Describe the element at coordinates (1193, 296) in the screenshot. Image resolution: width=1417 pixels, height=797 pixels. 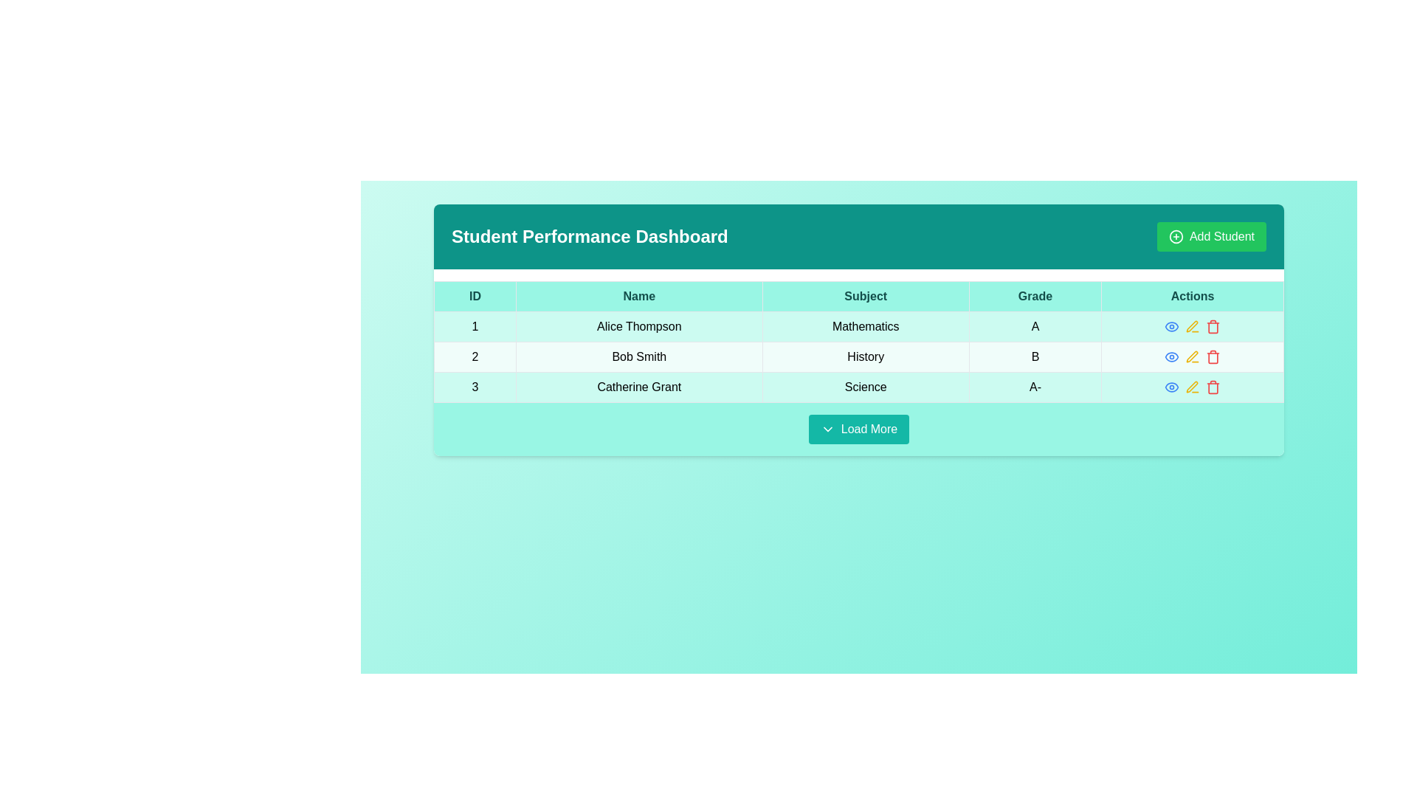
I see `the Table Header Cell for the 'Actions' column located at the top-right corner of the 'Student Performance Dashboard', adjacent to the 'Grade' header` at that location.